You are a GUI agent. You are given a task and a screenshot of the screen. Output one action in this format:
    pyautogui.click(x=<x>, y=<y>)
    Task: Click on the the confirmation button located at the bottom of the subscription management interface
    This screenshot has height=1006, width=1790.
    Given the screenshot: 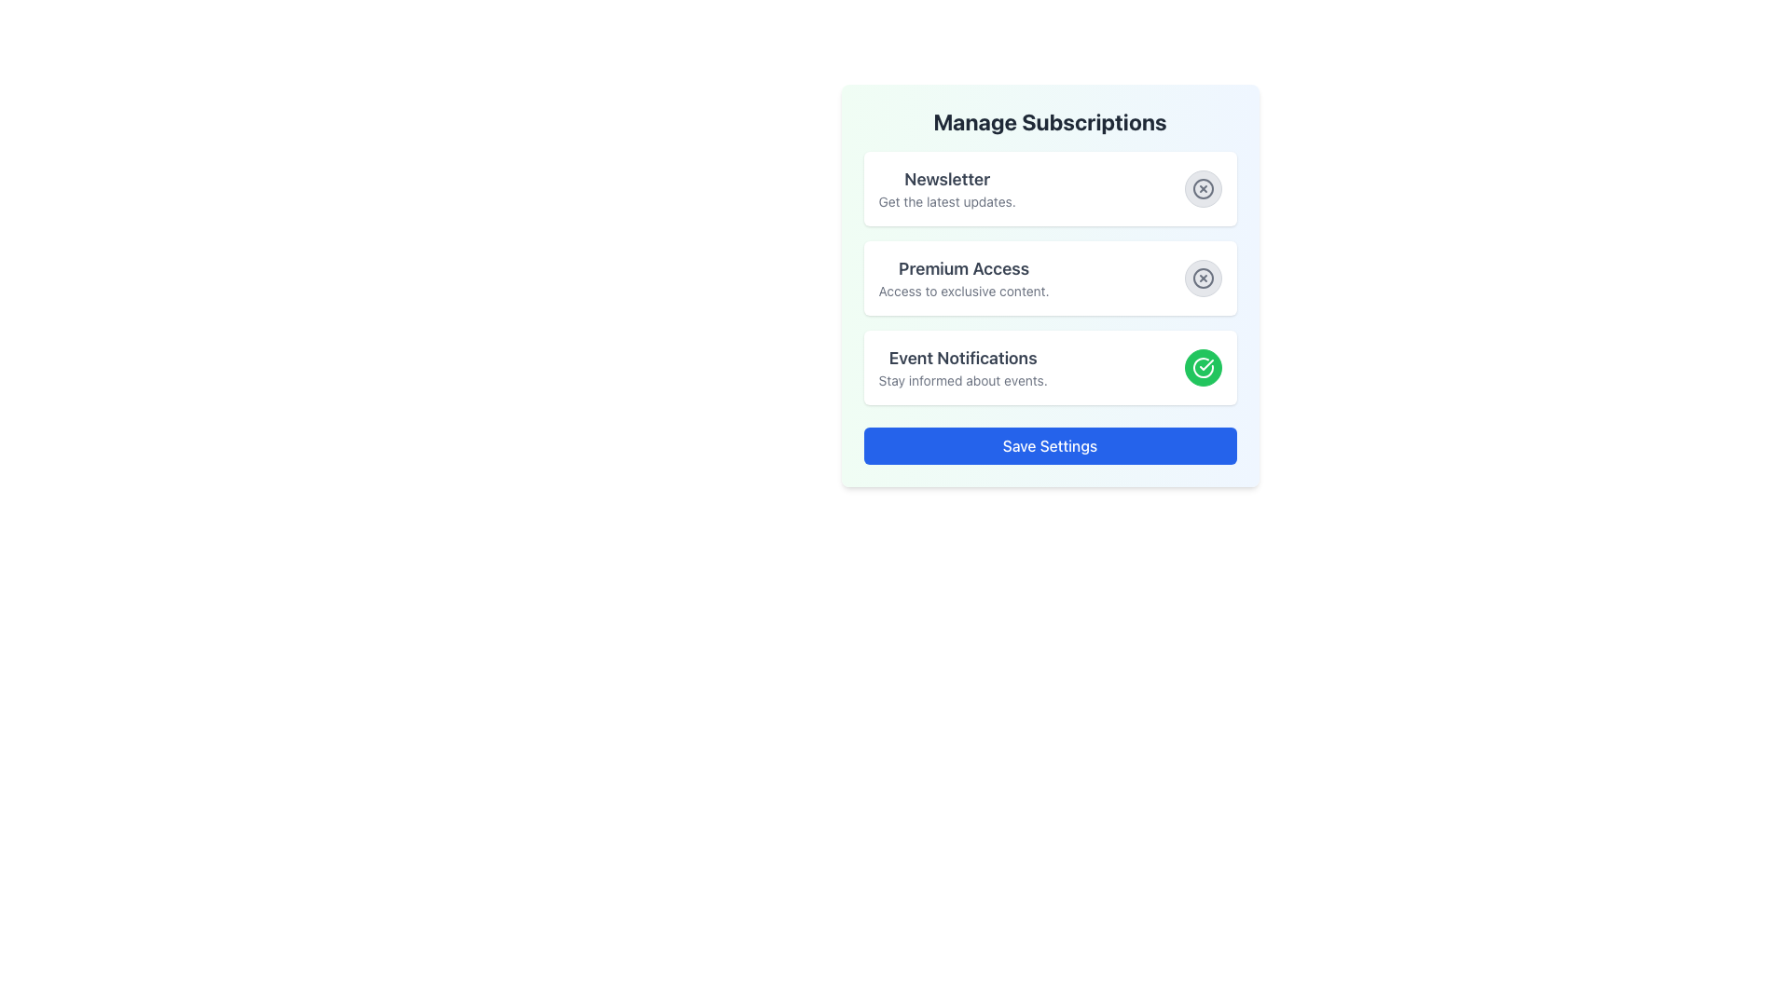 What is the action you would take?
    pyautogui.click(x=1050, y=445)
    